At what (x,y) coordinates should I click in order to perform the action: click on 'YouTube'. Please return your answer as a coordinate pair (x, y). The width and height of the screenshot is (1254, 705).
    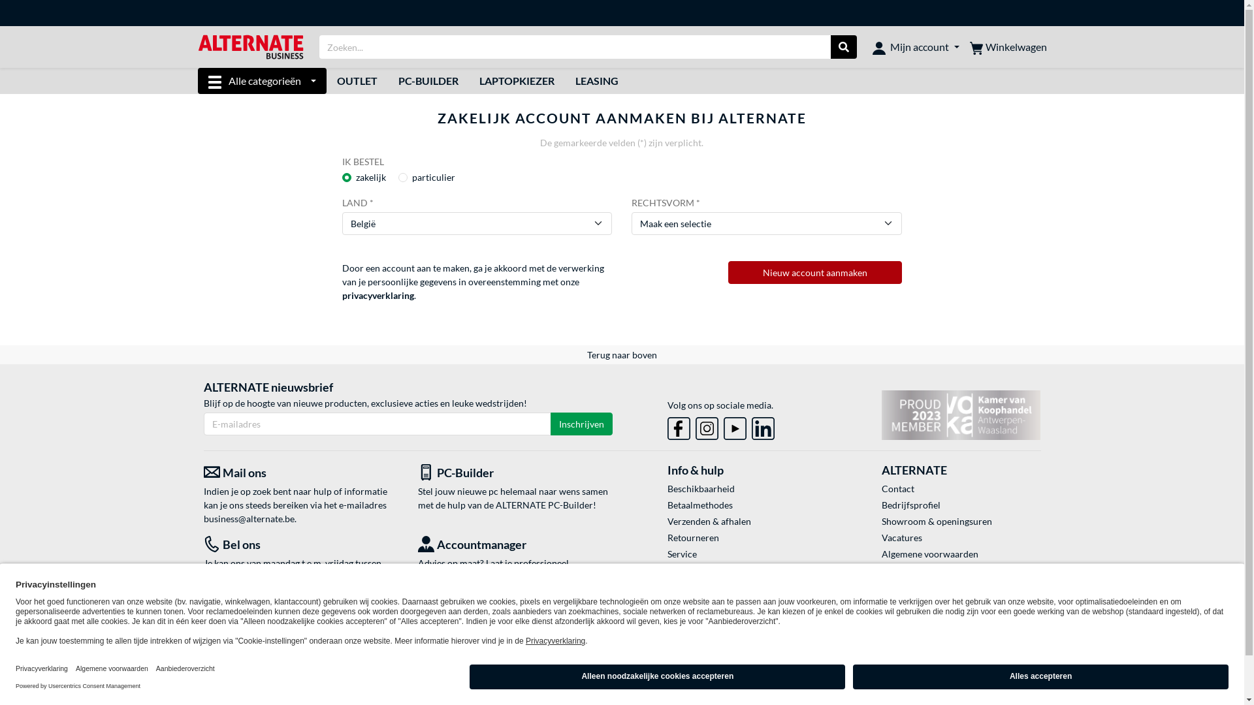
    Looking at the image, I should click on (735, 428).